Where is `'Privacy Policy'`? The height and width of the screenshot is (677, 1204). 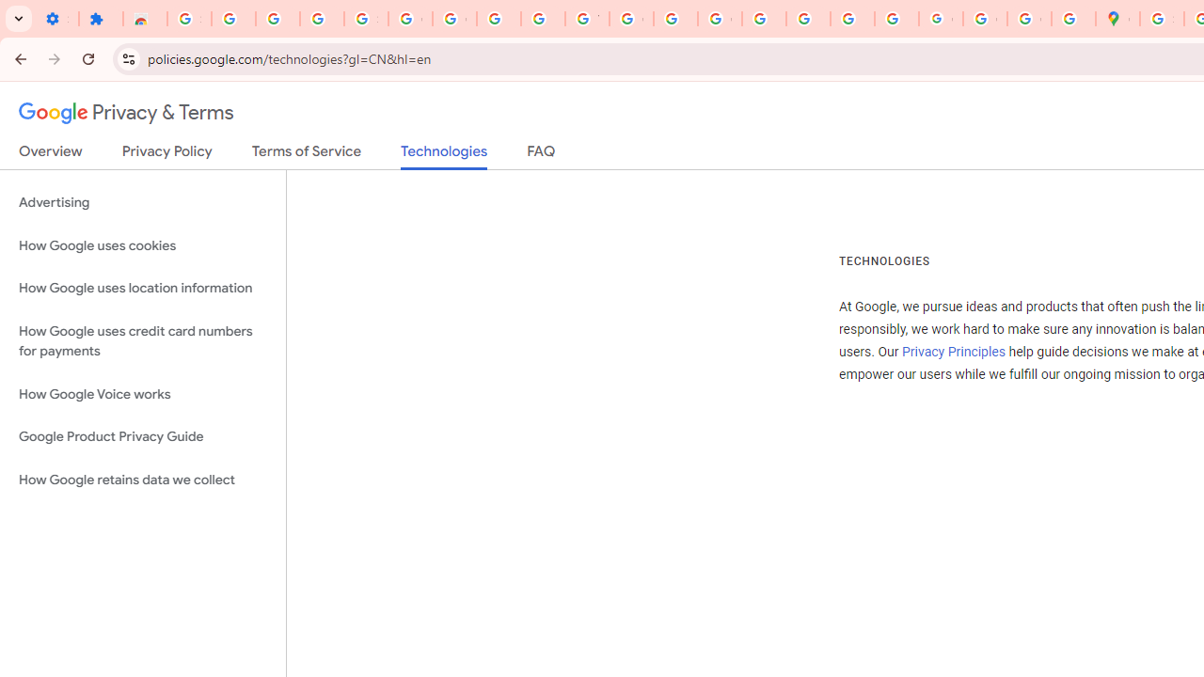
'Privacy Policy' is located at coordinates (166, 154).